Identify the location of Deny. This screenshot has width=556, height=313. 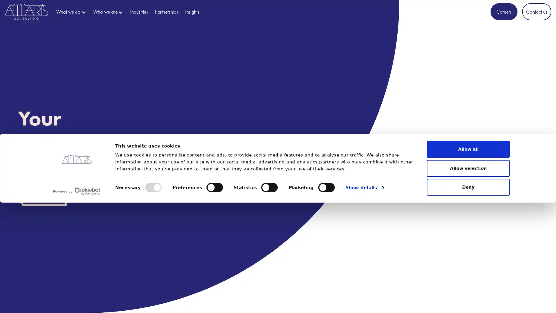
(468, 297).